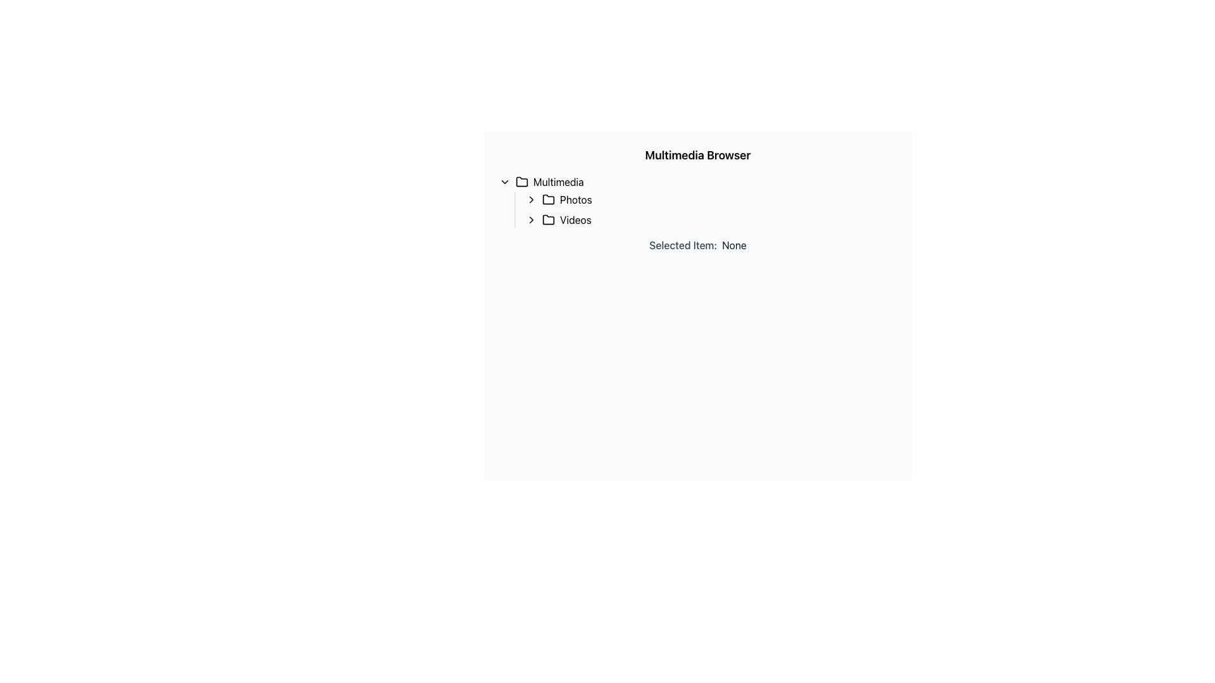  Describe the element at coordinates (558, 182) in the screenshot. I see `the 'Multimedia' text label, which serves as a label for a collapsible folder group` at that location.